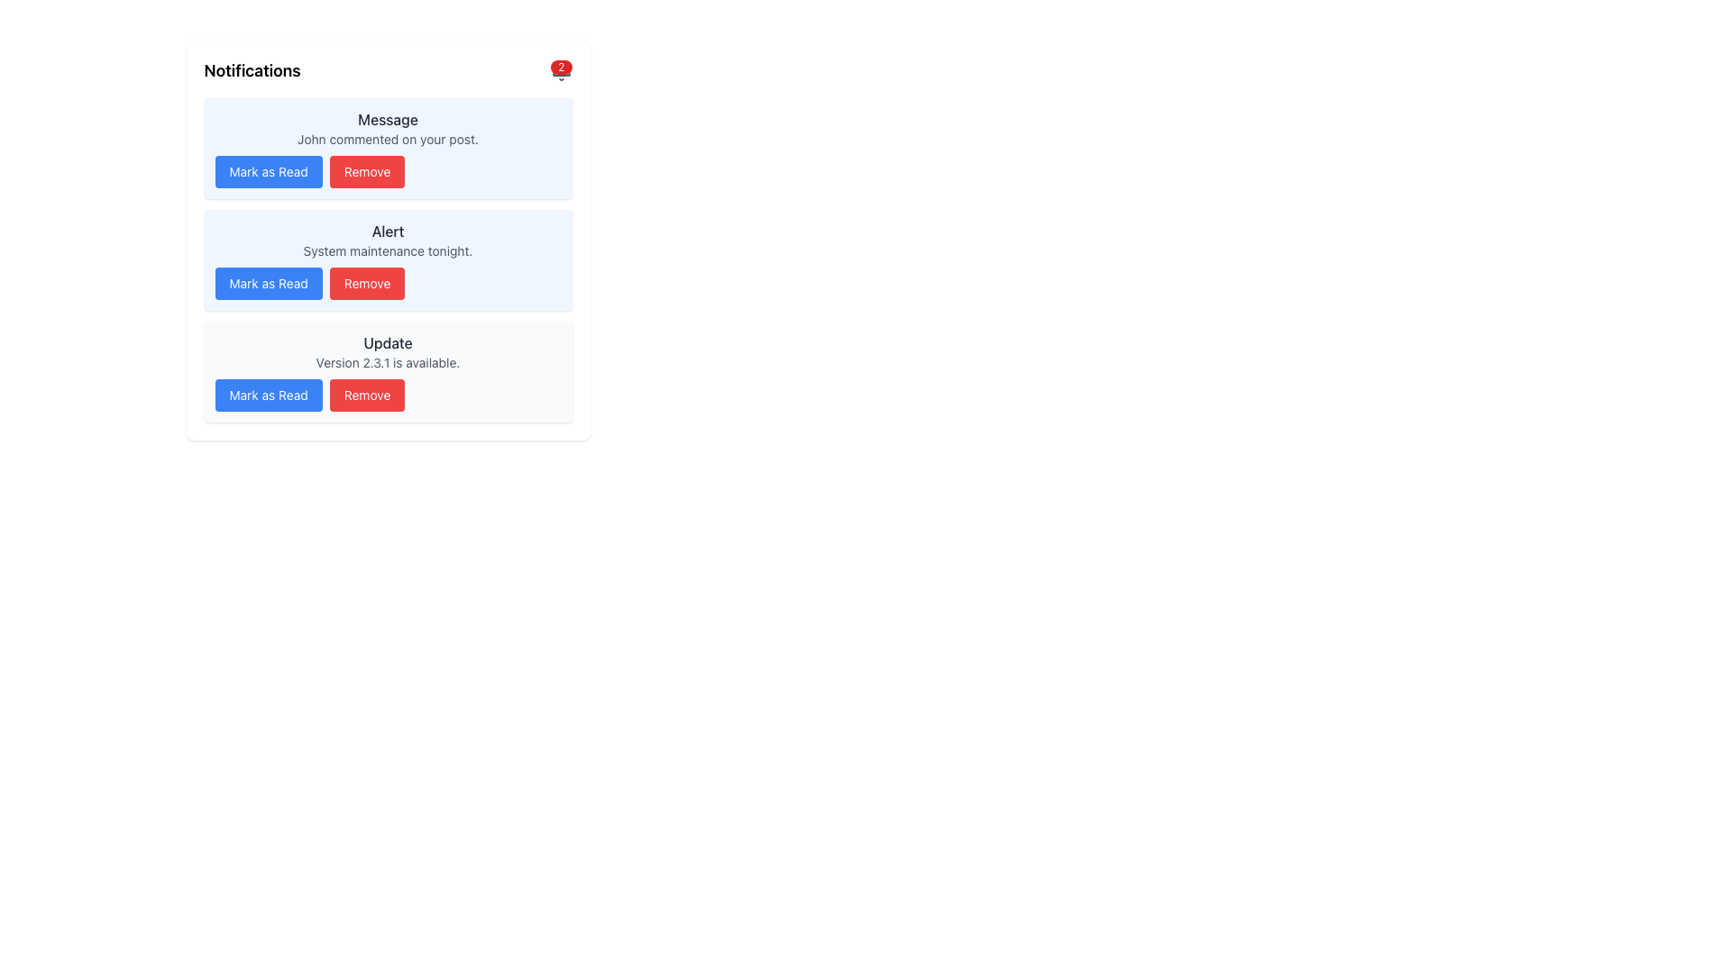 The height and width of the screenshot is (973, 1731). What do you see at coordinates (366, 172) in the screenshot?
I see `the 'Remove' button, which has a red background and white text, to observe the style change` at bounding box center [366, 172].